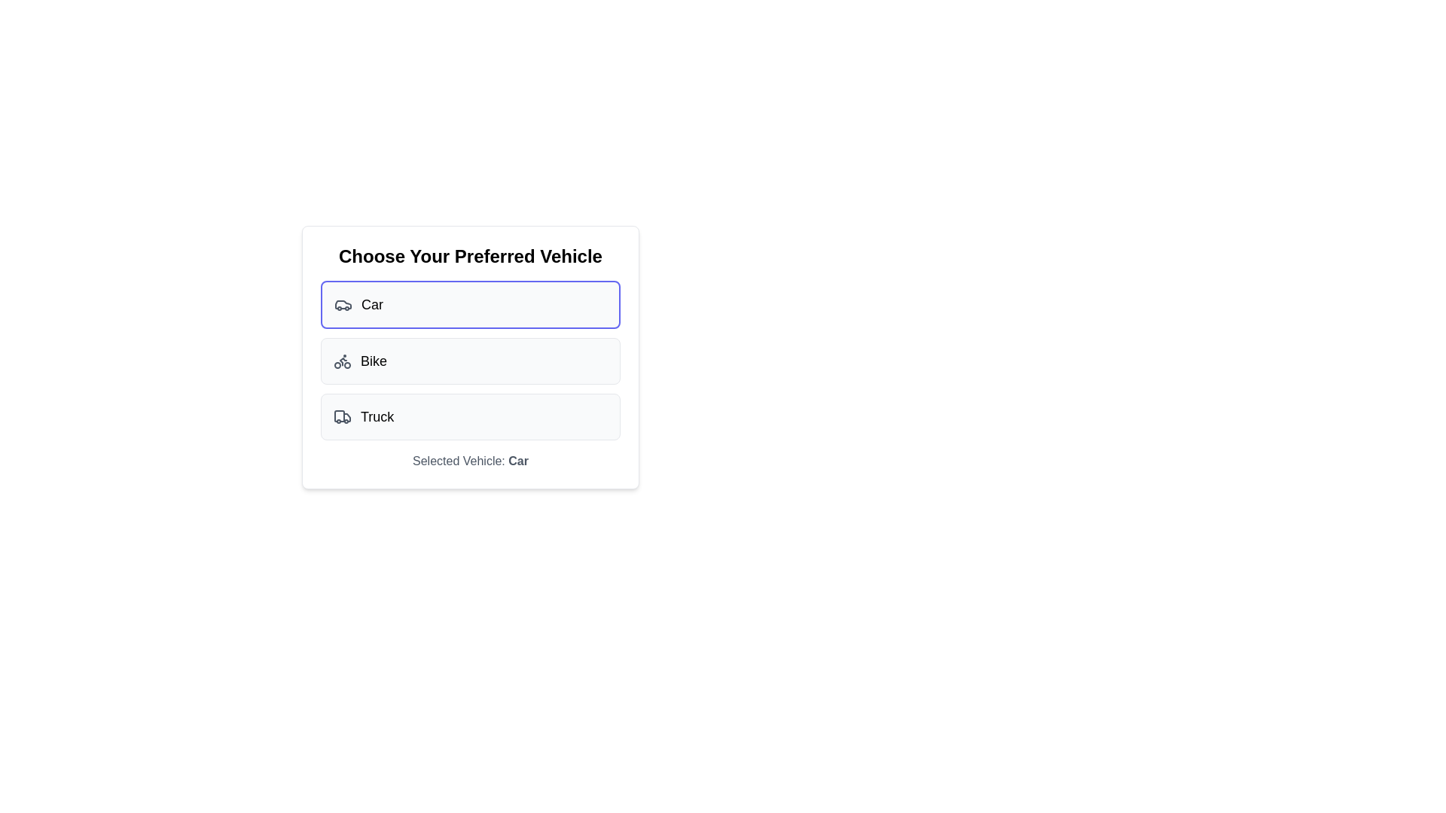 Image resolution: width=1446 pixels, height=813 pixels. Describe the element at coordinates (342, 361) in the screenshot. I see `the decorative 'Bike' icon located to the left of the text label 'Bike' in the vehicle selection list` at that location.